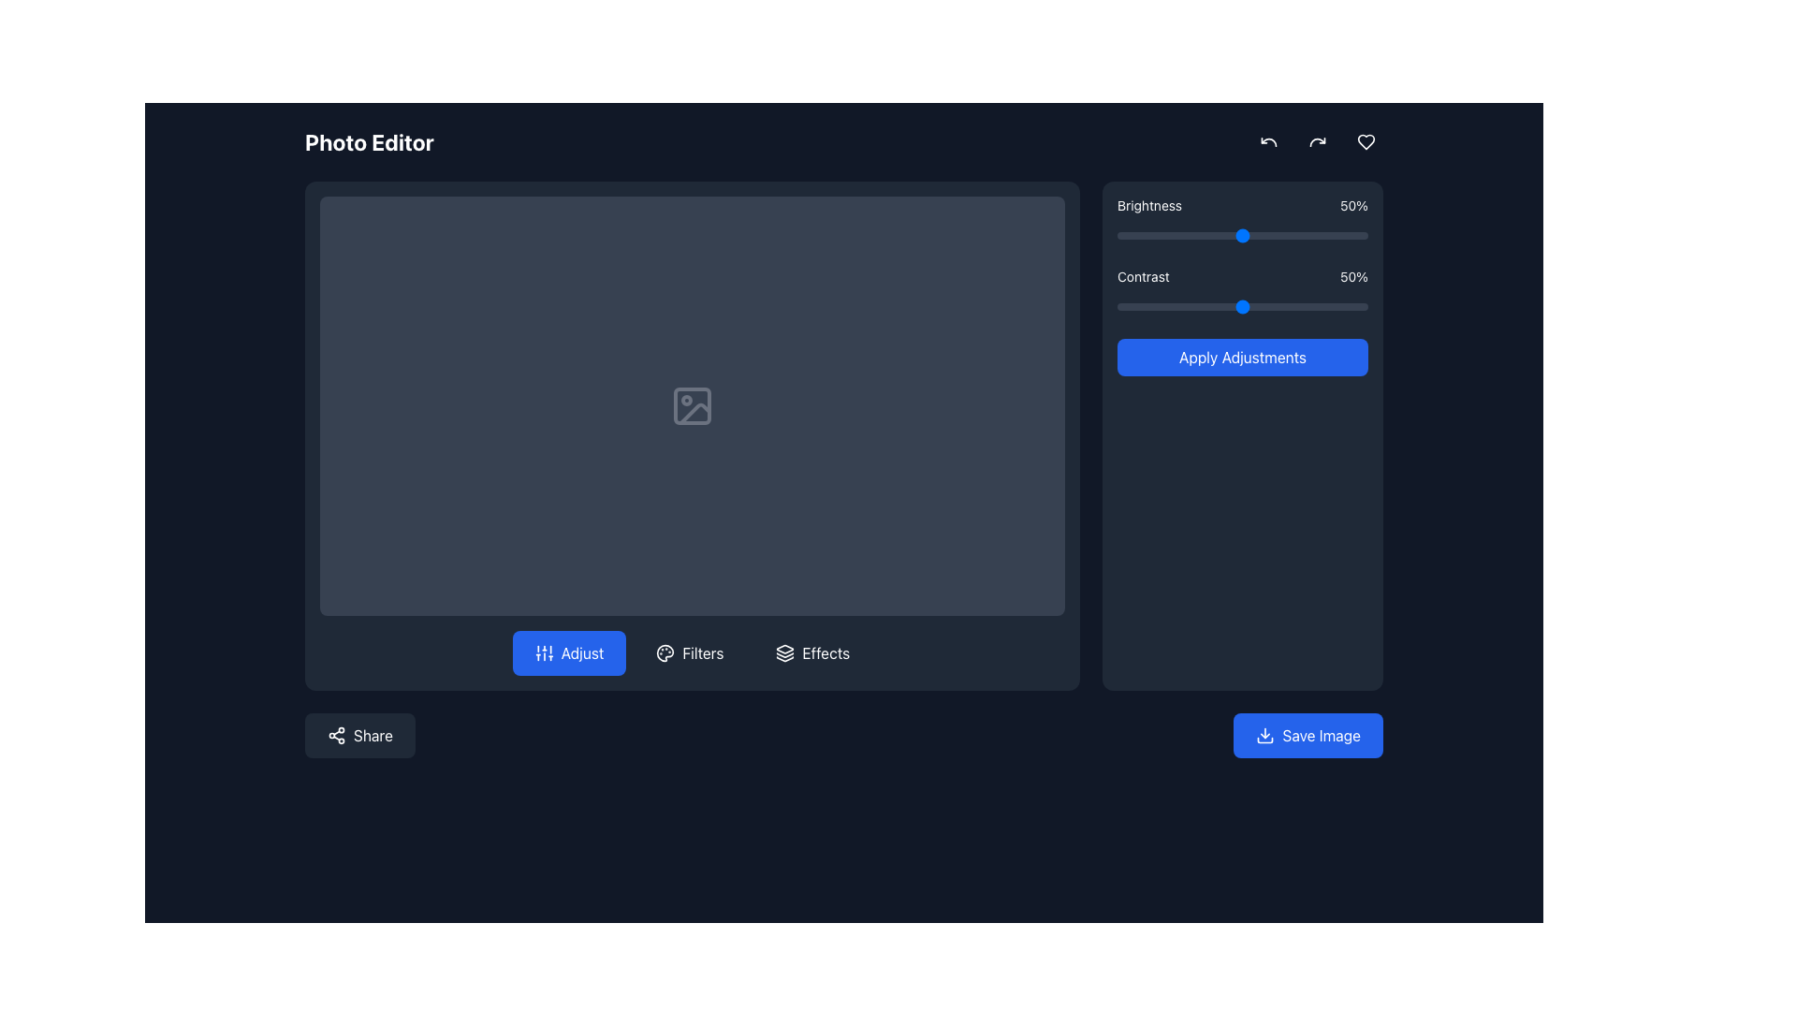 The height and width of the screenshot is (1011, 1797). What do you see at coordinates (373, 734) in the screenshot?
I see `the text label displaying 'Share' in white font on a dark background, which is part of a button located at the bottom-left corner of the interface, to initiate sharing` at bounding box center [373, 734].